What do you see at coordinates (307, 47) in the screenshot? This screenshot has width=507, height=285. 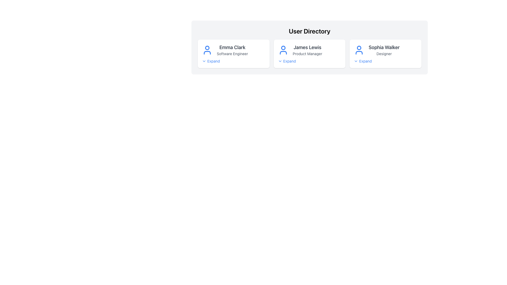 I see `the text label displaying the user's name 'James Lewis' which is prominently located at the top of the profile card` at bounding box center [307, 47].